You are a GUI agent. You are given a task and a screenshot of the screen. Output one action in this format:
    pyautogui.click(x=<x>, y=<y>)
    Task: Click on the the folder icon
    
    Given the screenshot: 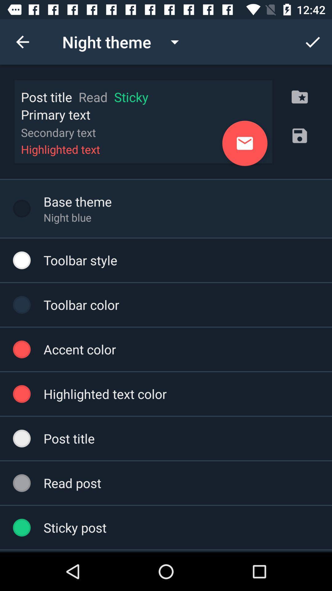 What is the action you would take?
    pyautogui.click(x=299, y=97)
    